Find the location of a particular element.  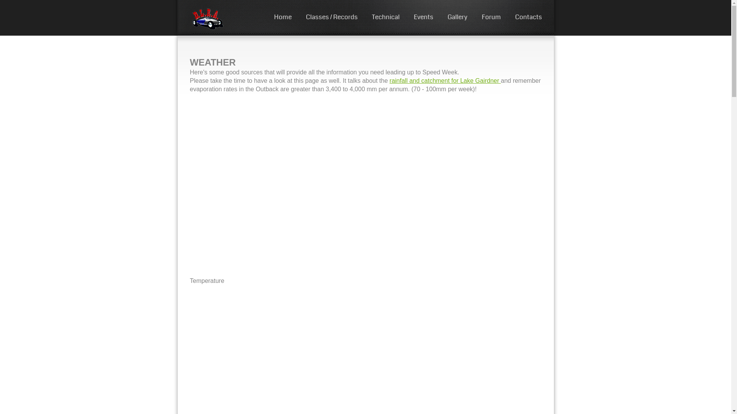

'Forum' is located at coordinates (481, 17).